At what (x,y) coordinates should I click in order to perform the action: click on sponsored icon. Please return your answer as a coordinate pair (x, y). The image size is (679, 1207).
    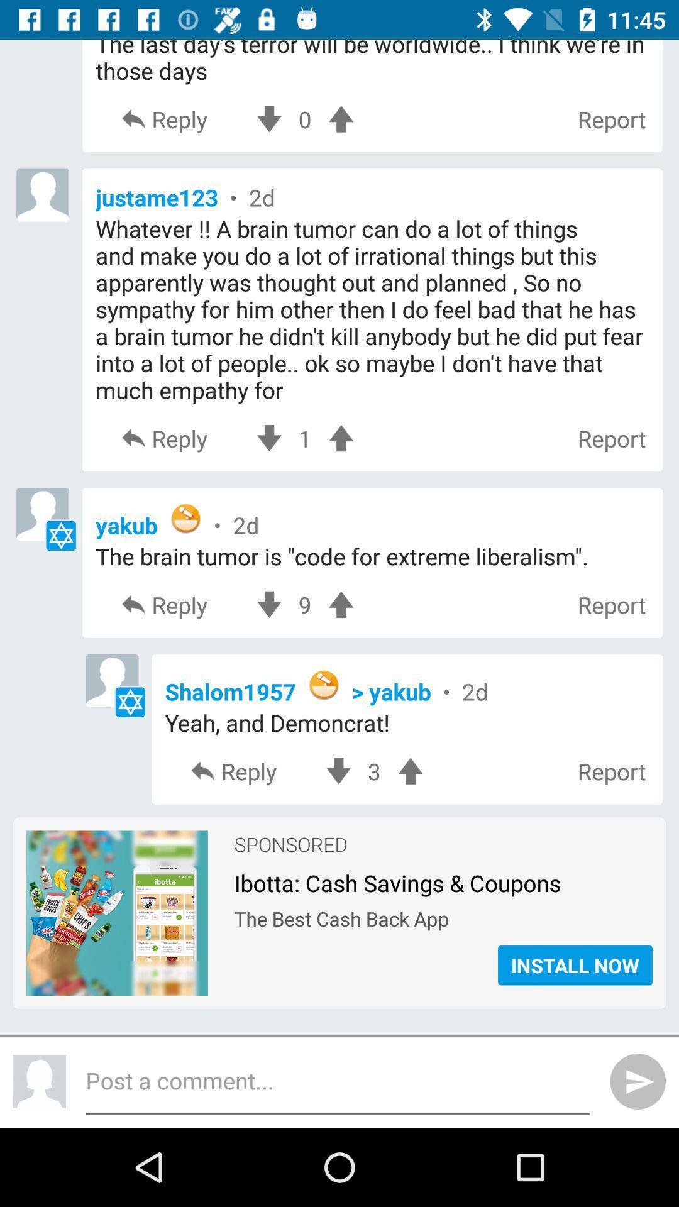
    Looking at the image, I should click on (291, 839).